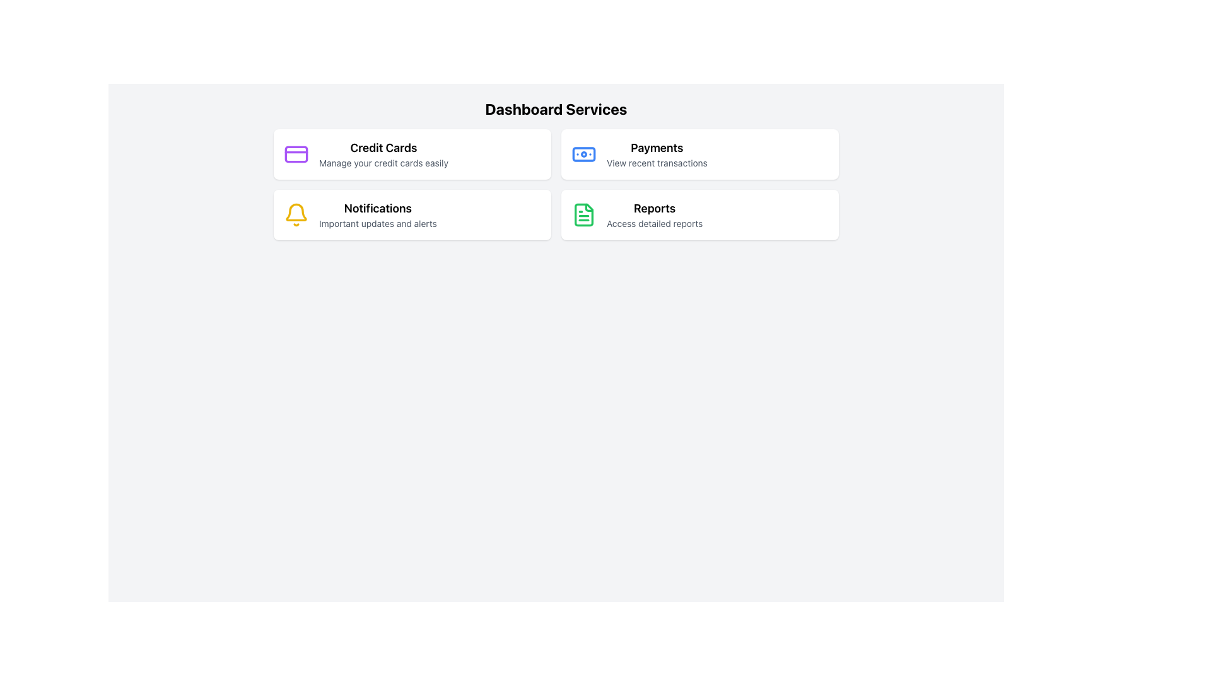 The height and width of the screenshot is (681, 1211). What do you see at coordinates (699, 154) in the screenshot?
I see `the payment-related panel located in the top-right part of the grid layout, which provides access to recent transaction details` at bounding box center [699, 154].